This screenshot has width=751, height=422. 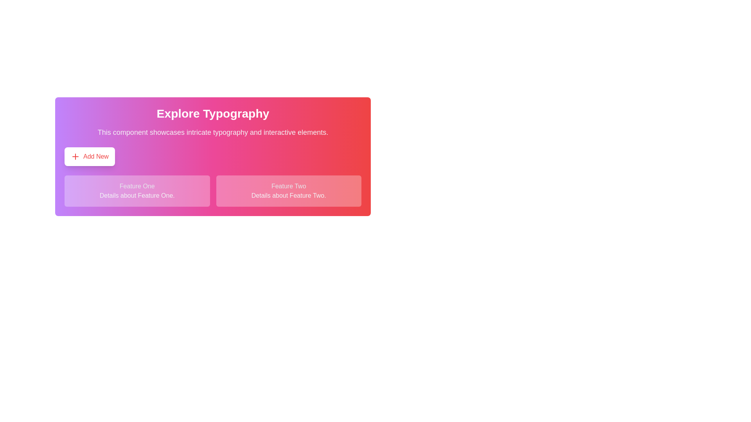 I want to click on the 'Add New' button, which is a rectangular button with rounded corners, displaying a bold red font and a plus sign icon, to trigger the hover animation or tooltip, so click(x=90, y=157).